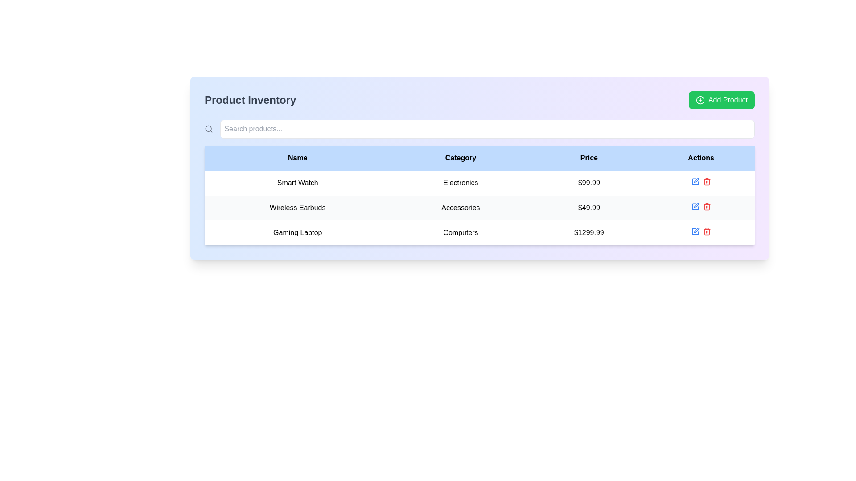 This screenshot has width=856, height=481. What do you see at coordinates (461, 183) in the screenshot?
I see `the static text element displaying 'Electronics' located in the second column of the first row in the 'Product Inventory' interface` at bounding box center [461, 183].